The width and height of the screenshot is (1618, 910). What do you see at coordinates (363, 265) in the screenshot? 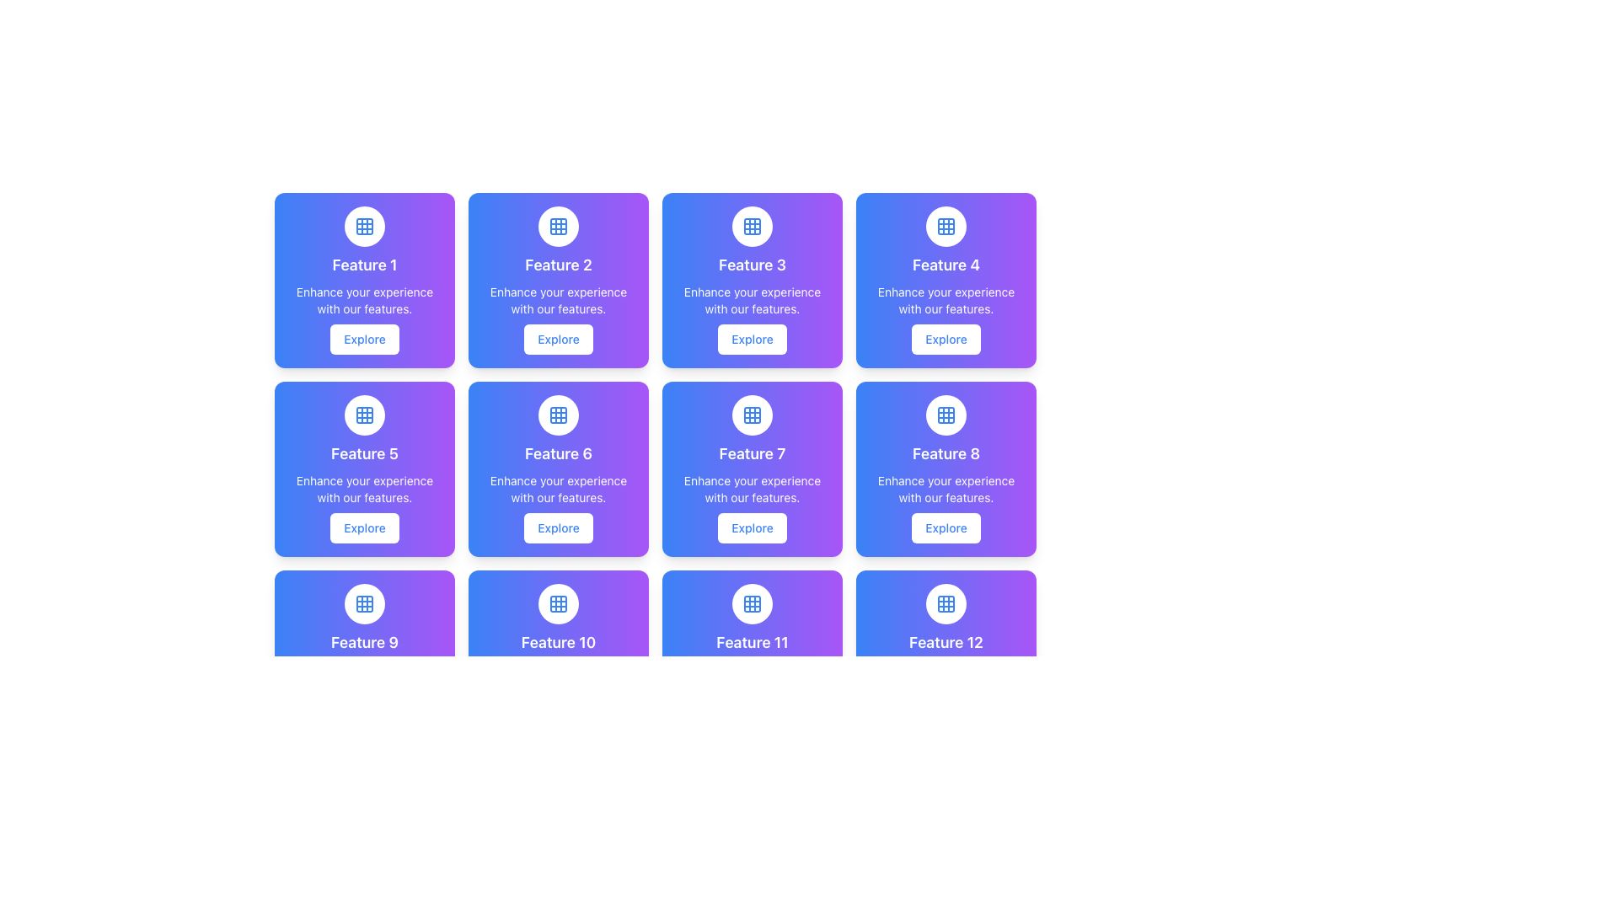
I see `the text labeled 'Feature 1', which is prominently styled with a larger font size and bold weight, located at the top-center of a card component in a 4x3 grid layout` at bounding box center [363, 265].